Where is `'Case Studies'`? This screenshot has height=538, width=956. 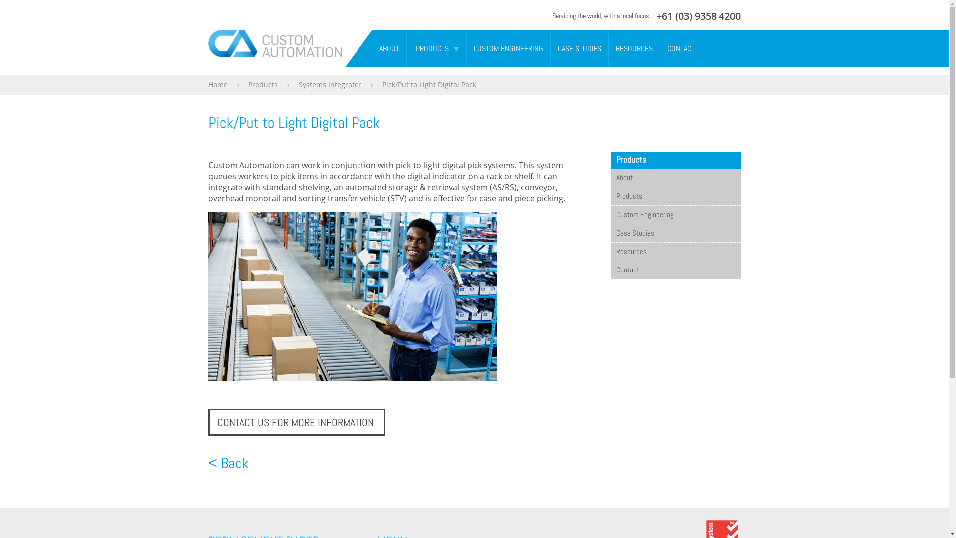 'Case Studies' is located at coordinates (676, 233).